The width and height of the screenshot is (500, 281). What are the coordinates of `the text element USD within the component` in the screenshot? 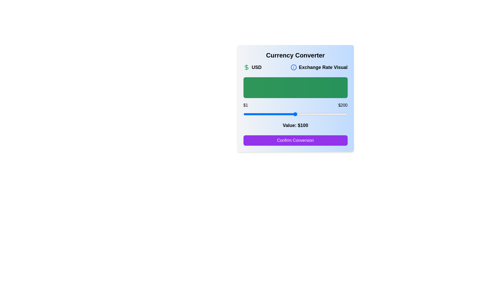 It's located at (252, 67).